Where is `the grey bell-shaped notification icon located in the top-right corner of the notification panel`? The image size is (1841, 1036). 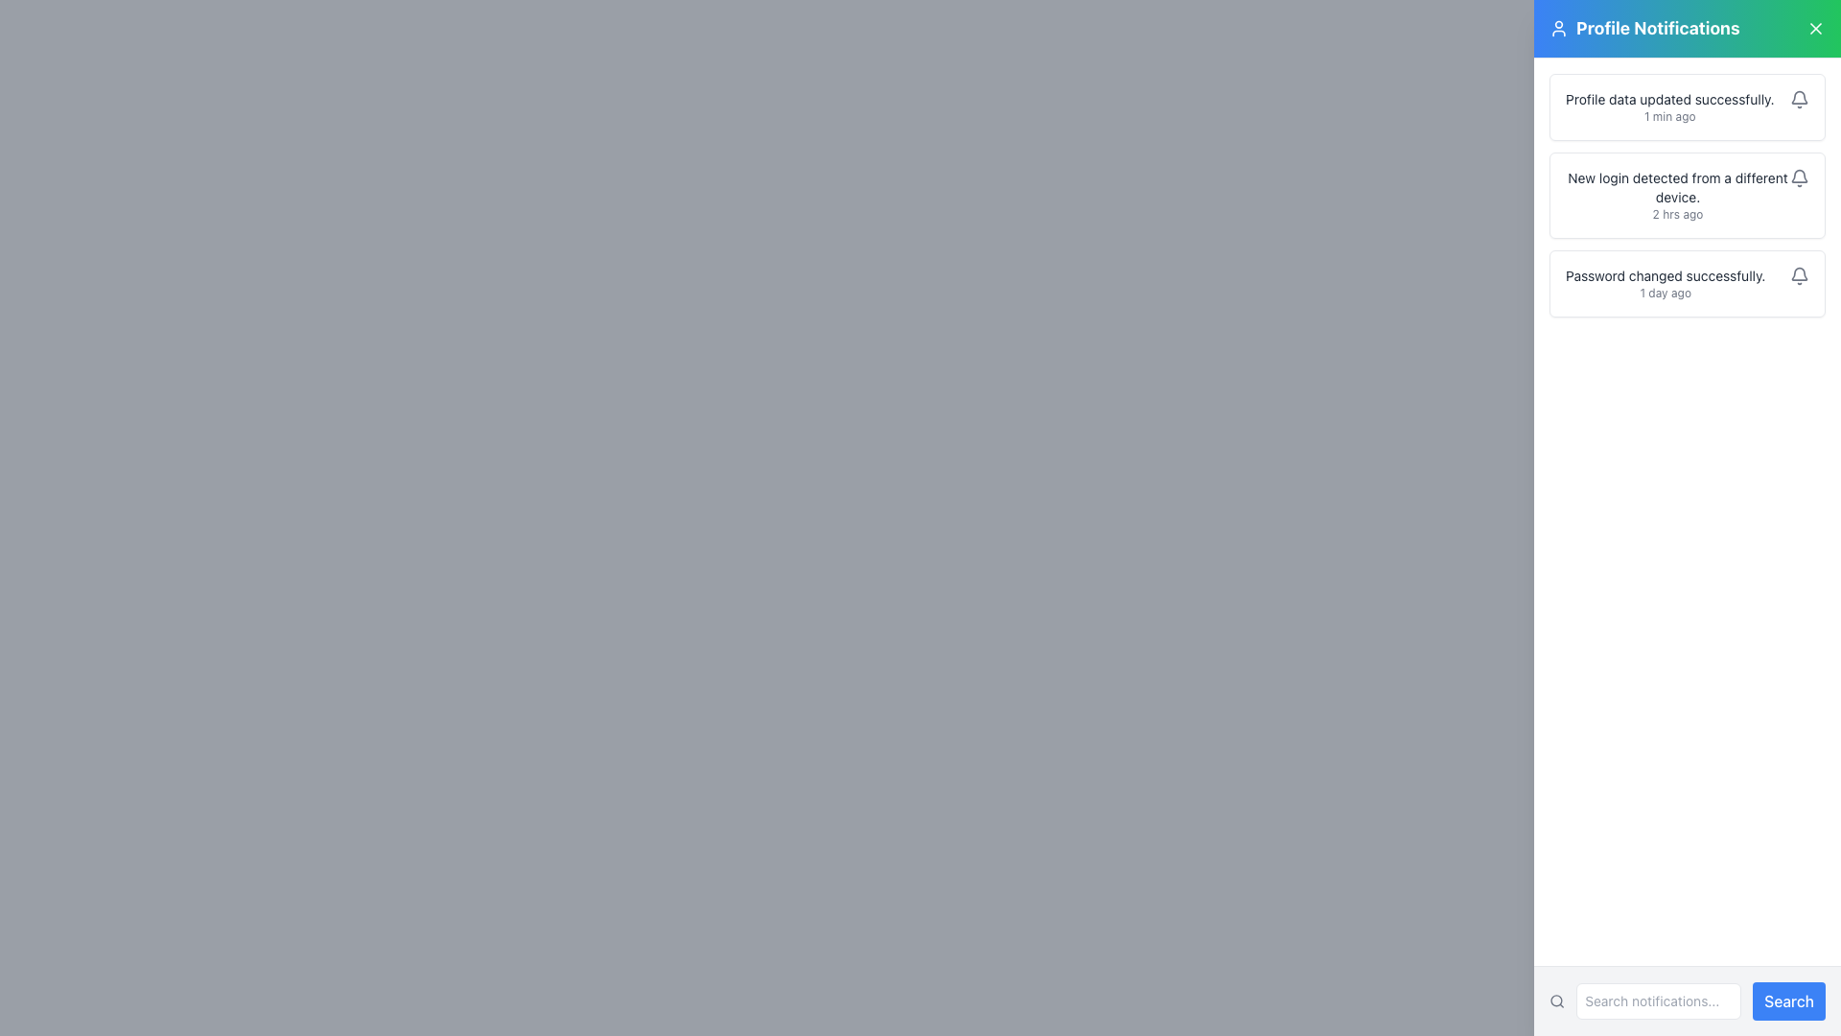 the grey bell-shaped notification icon located in the top-right corner of the notification panel is located at coordinates (1798, 273).